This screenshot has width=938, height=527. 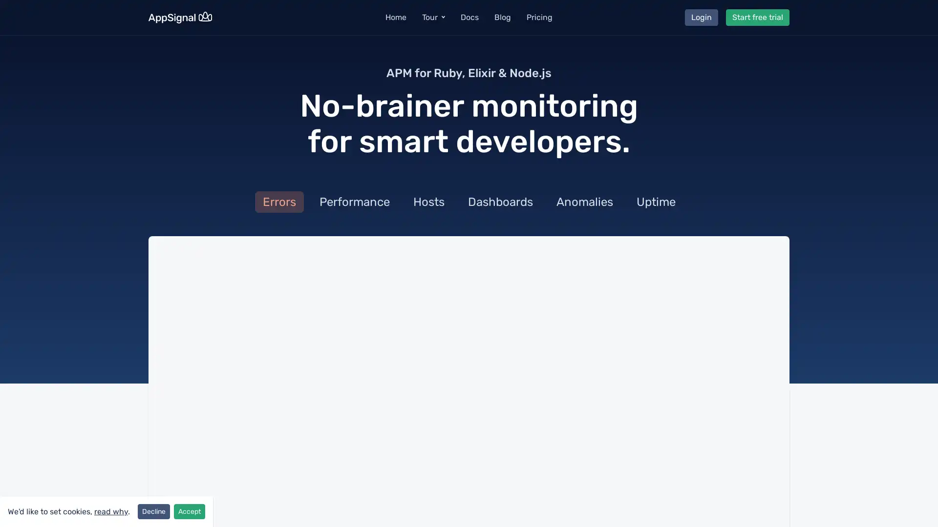 What do you see at coordinates (153, 511) in the screenshot?
I see `Decline` at bounding box center [153, 511].